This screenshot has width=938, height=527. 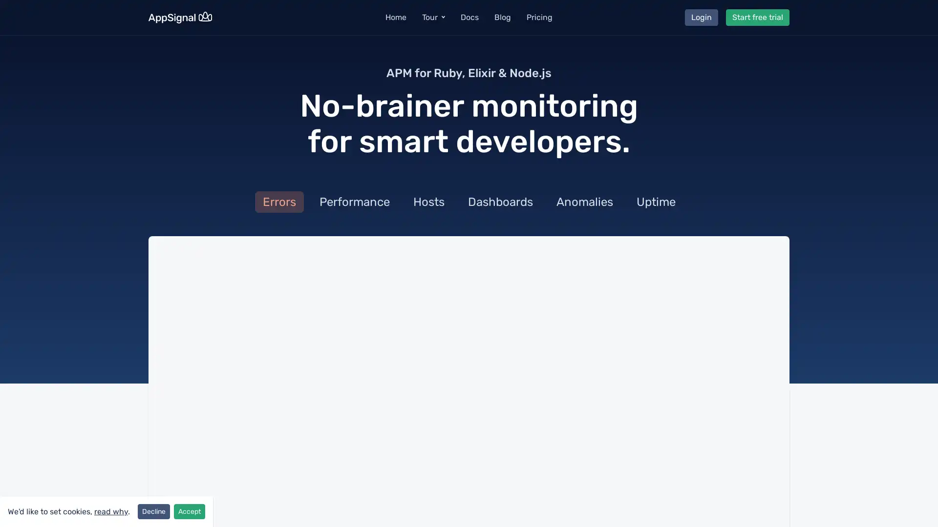 What do you see at coordinates (153, 511) in the screenshot?
I see `Decline` at bounding box center [153, 511].